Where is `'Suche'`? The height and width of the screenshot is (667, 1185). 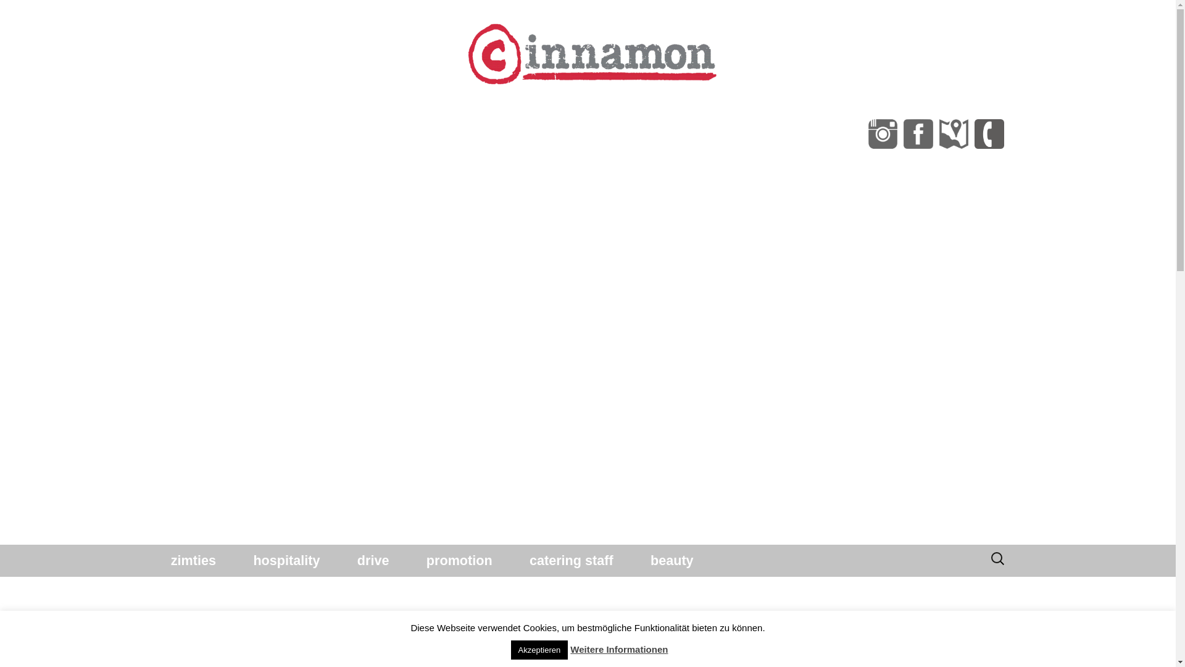 'Suche' is located at coordinates (15, 19).